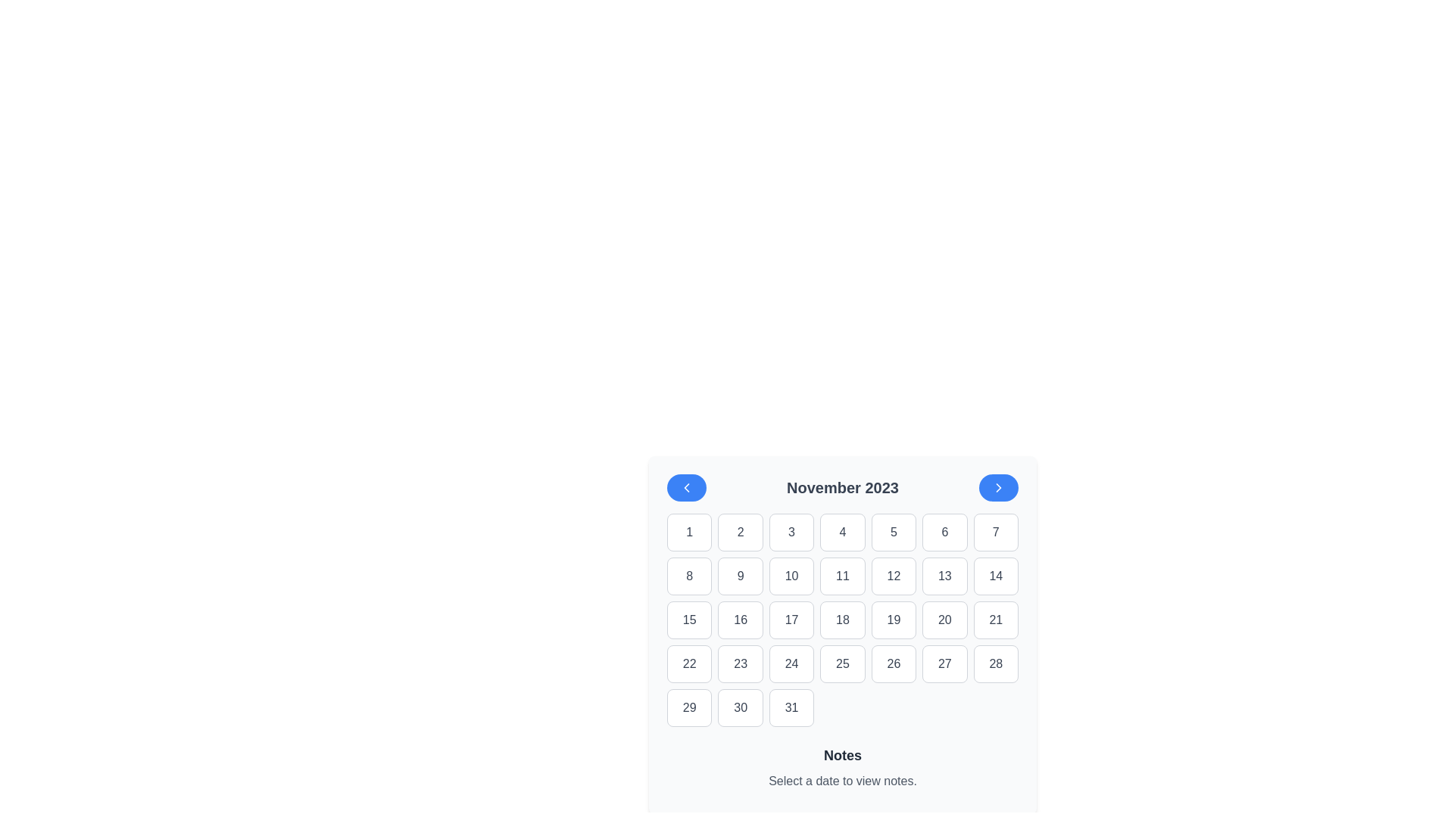  Describe the element at coordinates (688, 620) in the screenshot. I see `the date button representing '15' in the November 2023 calendar` at that location.